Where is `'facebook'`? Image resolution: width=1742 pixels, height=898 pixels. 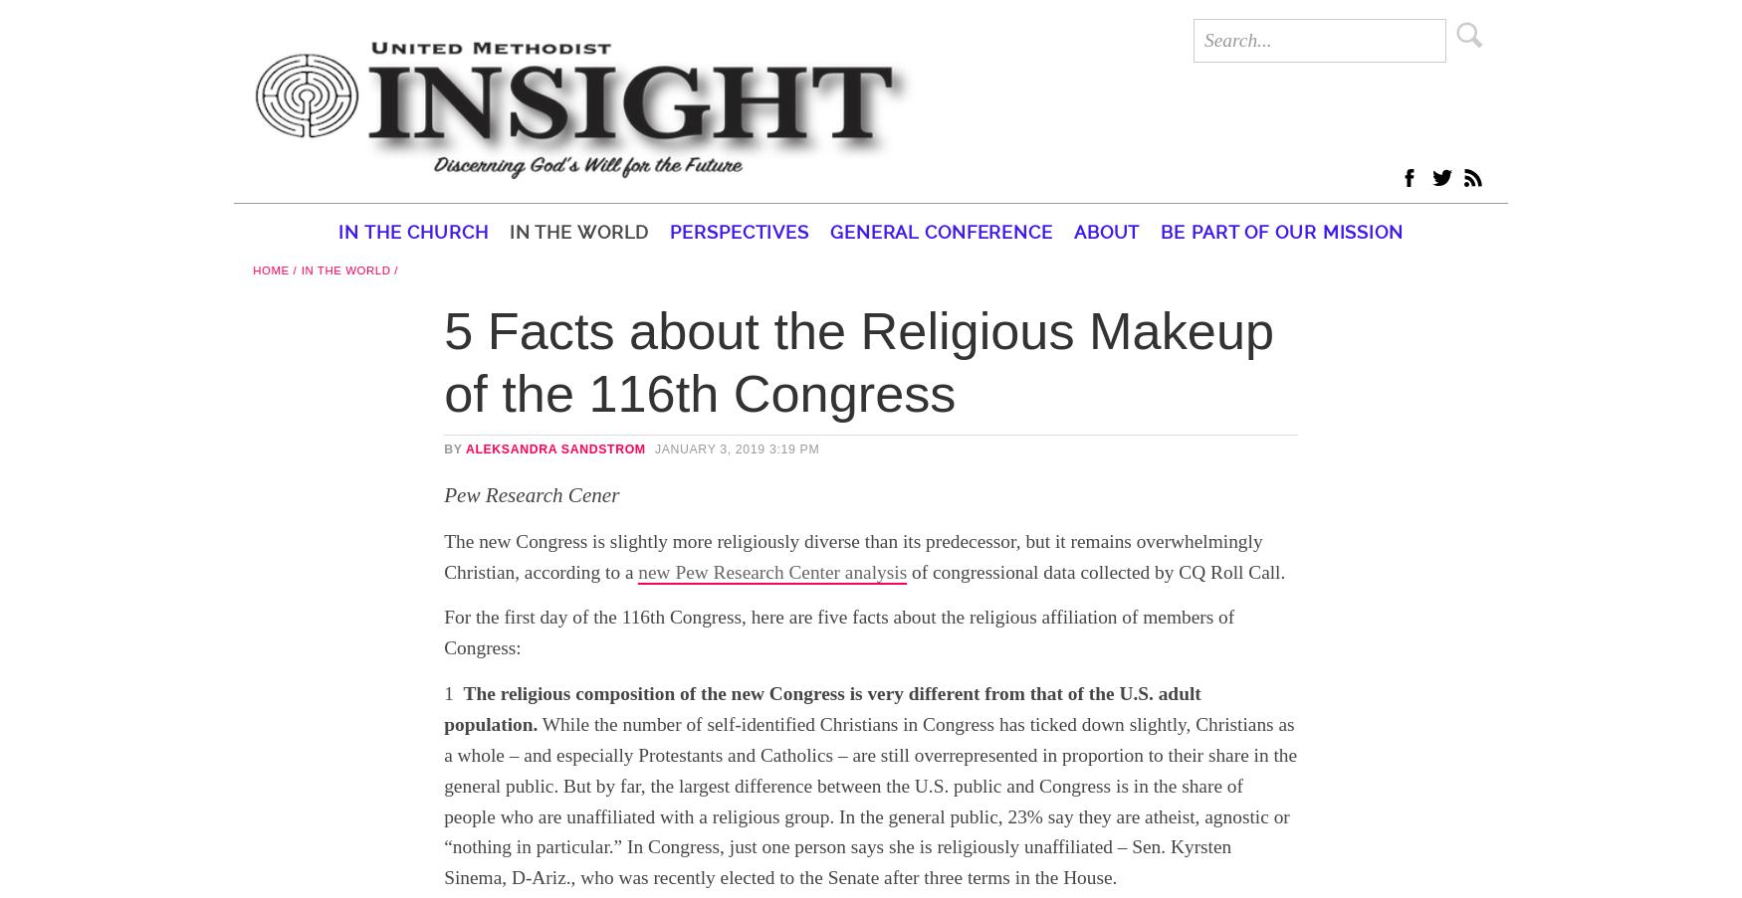 'facebook' is located at coordinates (1600, 172).